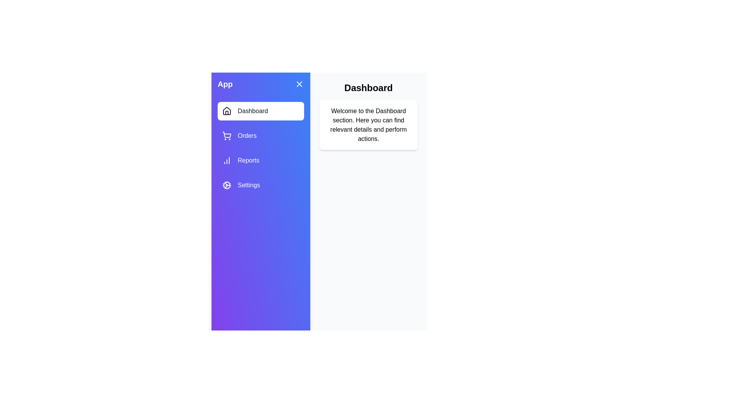 This screenshot has width=741, height=417. Describe the element at coordinates (261, 111) in the screenshot. I see `the Dashboard section by clicking on its corresponding navigation item` at that location.